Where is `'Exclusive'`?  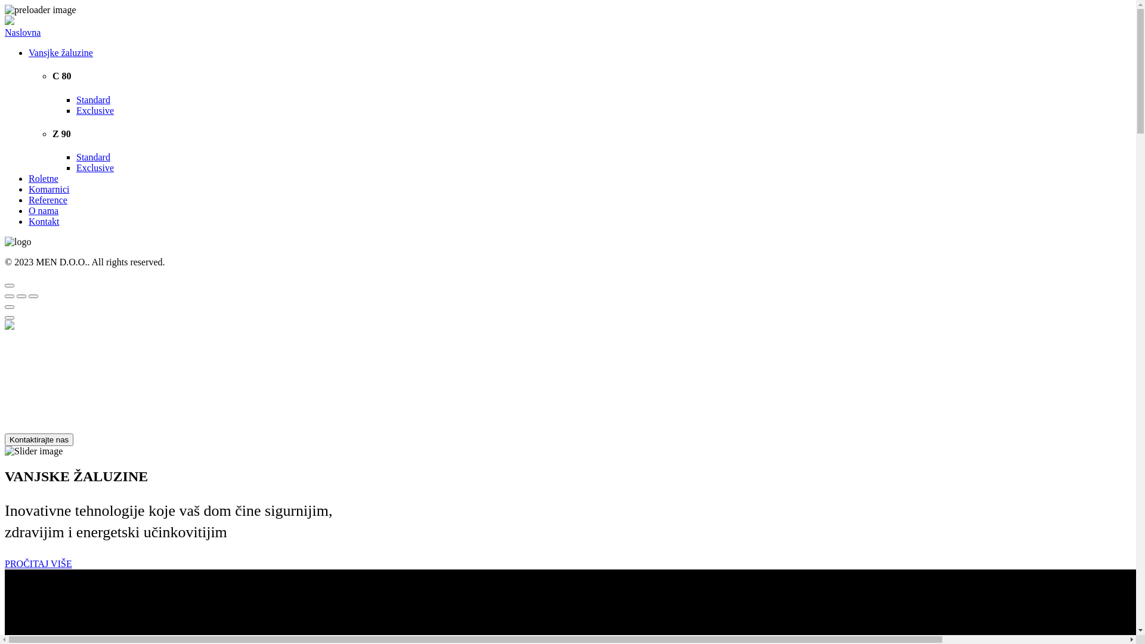 'Exclusive' is located at coordinates (76, 110).